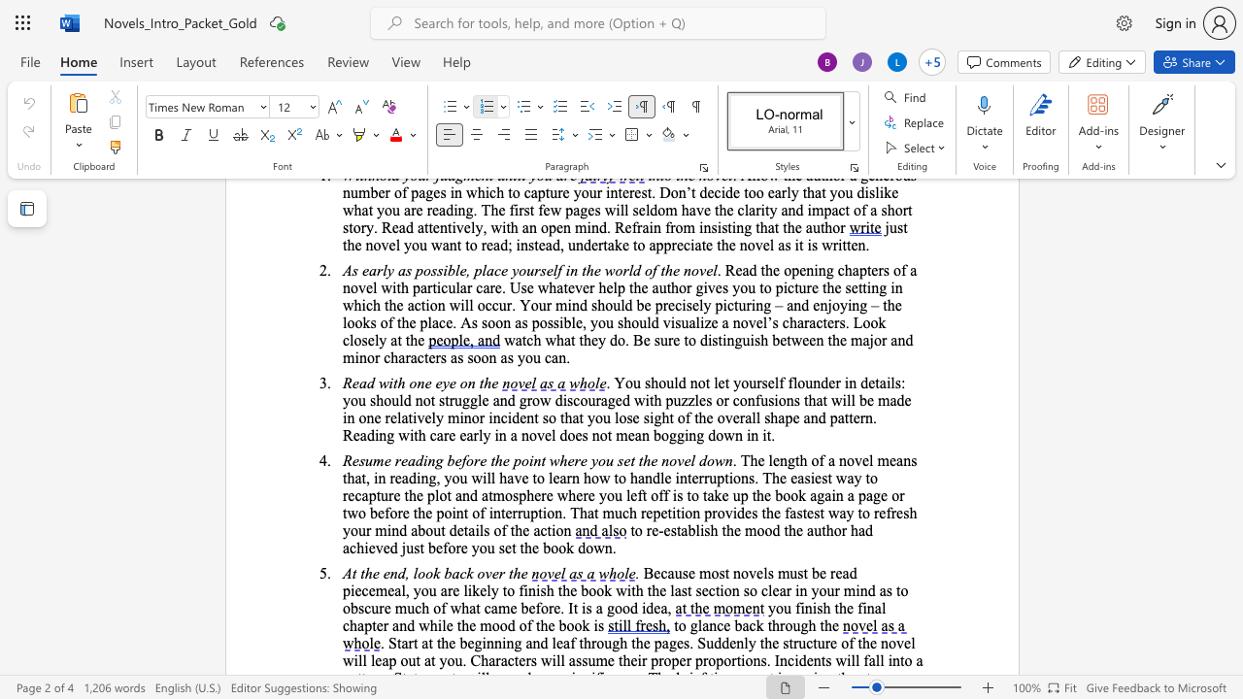 Image resolution: width=1243 pixels, height=699 pixels. Describe the element at coordinates (485, 572) in the screenshot. I see `the space between the continuous character "o" and "v" in the text` at that location.